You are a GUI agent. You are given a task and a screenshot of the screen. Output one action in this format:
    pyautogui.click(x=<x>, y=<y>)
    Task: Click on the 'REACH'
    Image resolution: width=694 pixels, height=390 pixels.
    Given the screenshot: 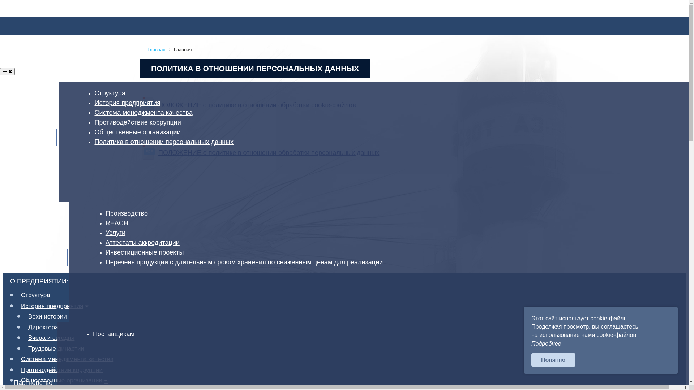 What is the action you would take?
    pyautogui.click(x=119, y=222)
    